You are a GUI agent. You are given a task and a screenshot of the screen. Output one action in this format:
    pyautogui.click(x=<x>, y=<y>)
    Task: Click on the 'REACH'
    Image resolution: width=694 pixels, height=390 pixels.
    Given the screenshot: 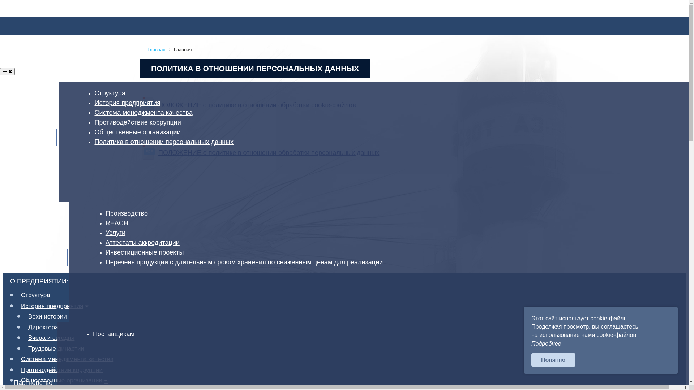 What is the action you would take?
    pyautogui.click(x=119, y=222)
    